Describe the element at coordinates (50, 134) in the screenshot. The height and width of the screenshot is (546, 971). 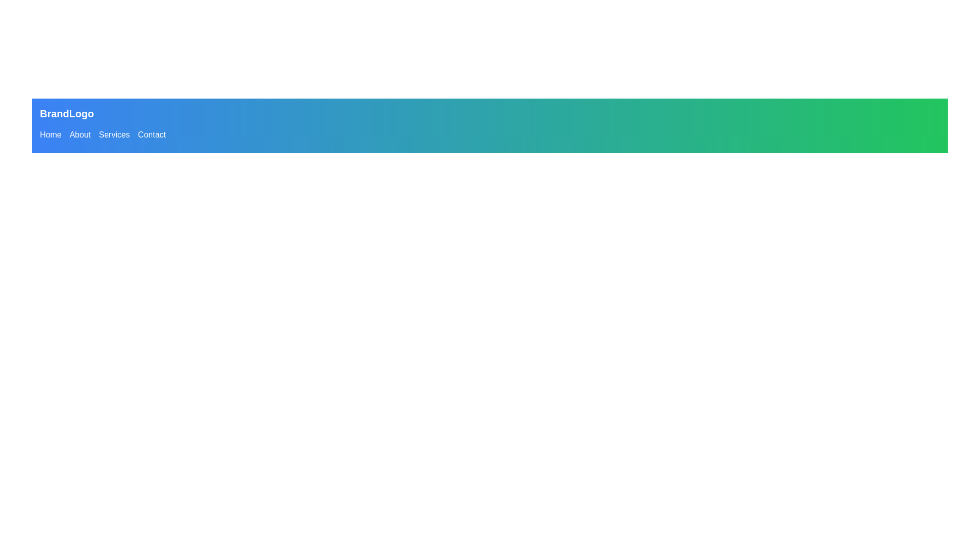
I see `the first hyperlink in the navigation bar` at that location.